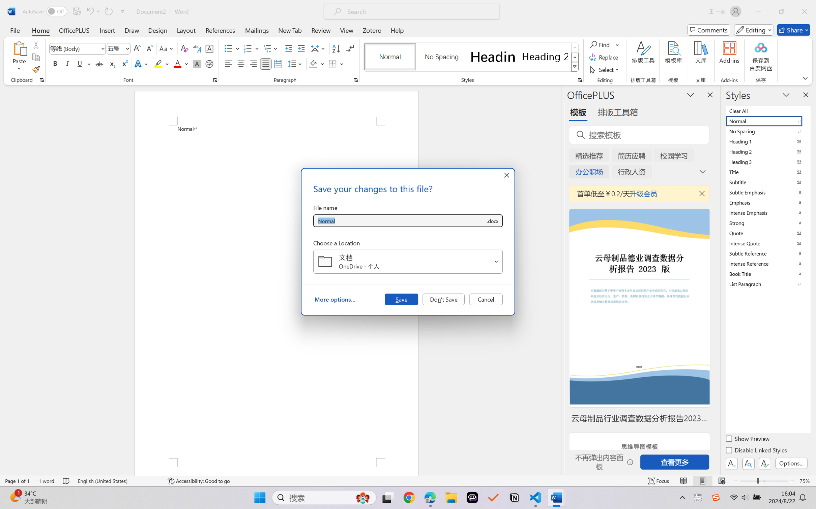 The height and width of the screenshot is (509, 816). What do you see at coordinates (209, 48) in the screenshot?
I see `'Character Border'` at bounding box center [209, 48].